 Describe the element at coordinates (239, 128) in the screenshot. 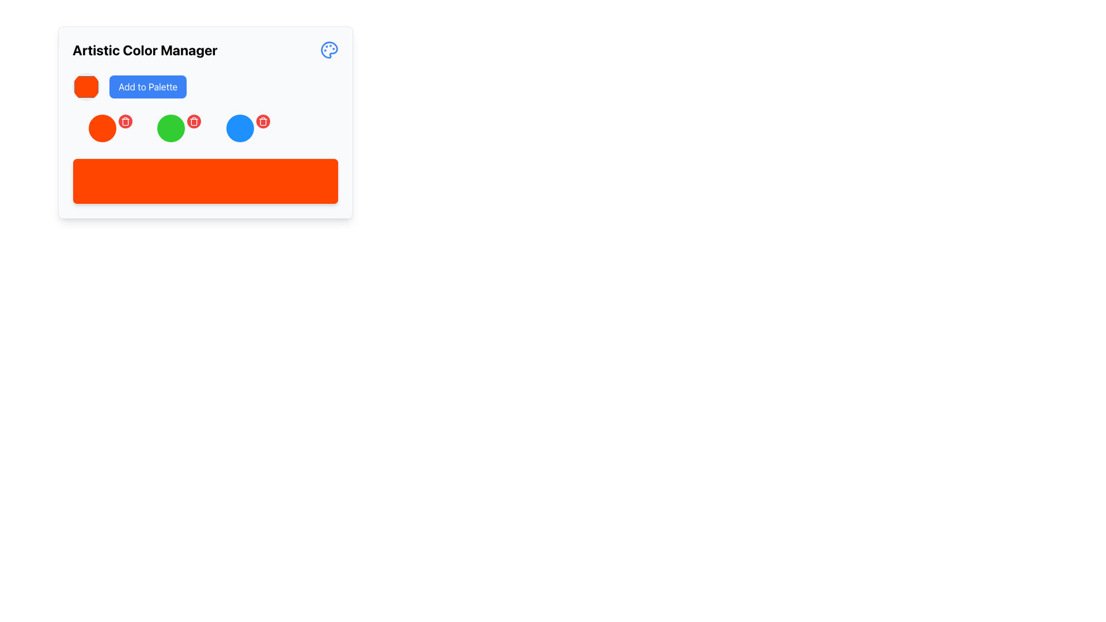

I see `the third circular color button representing the blue color in the 'Artistic Color Manager' section` at that location.